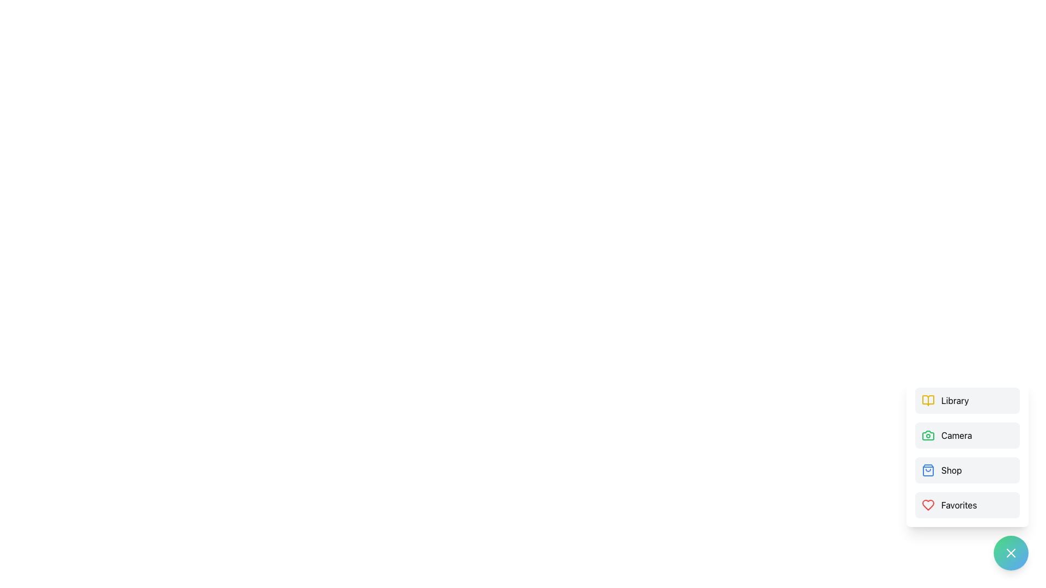  I want to click on the 'Shop' button that contains a blue shopping bag icon at the top left, so click(928, 470).